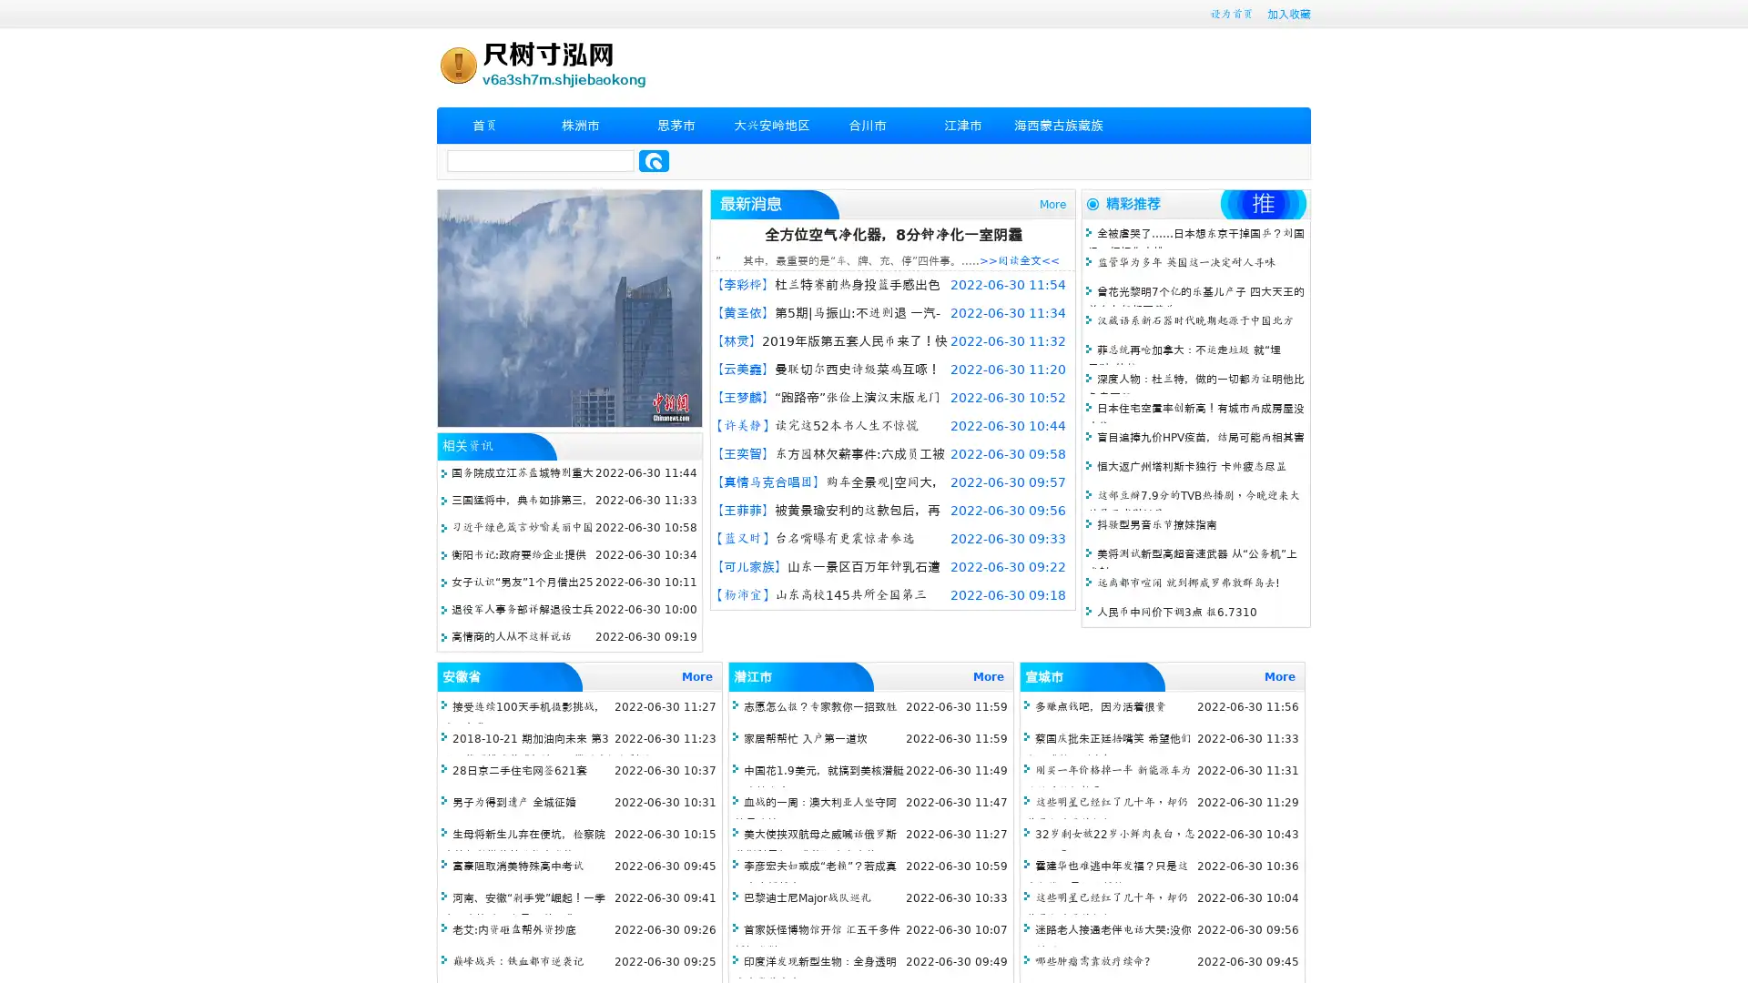  What do you see at coordinates (654, 160) in the screenshot?
I see `Search` at bounding box center [654, 160].